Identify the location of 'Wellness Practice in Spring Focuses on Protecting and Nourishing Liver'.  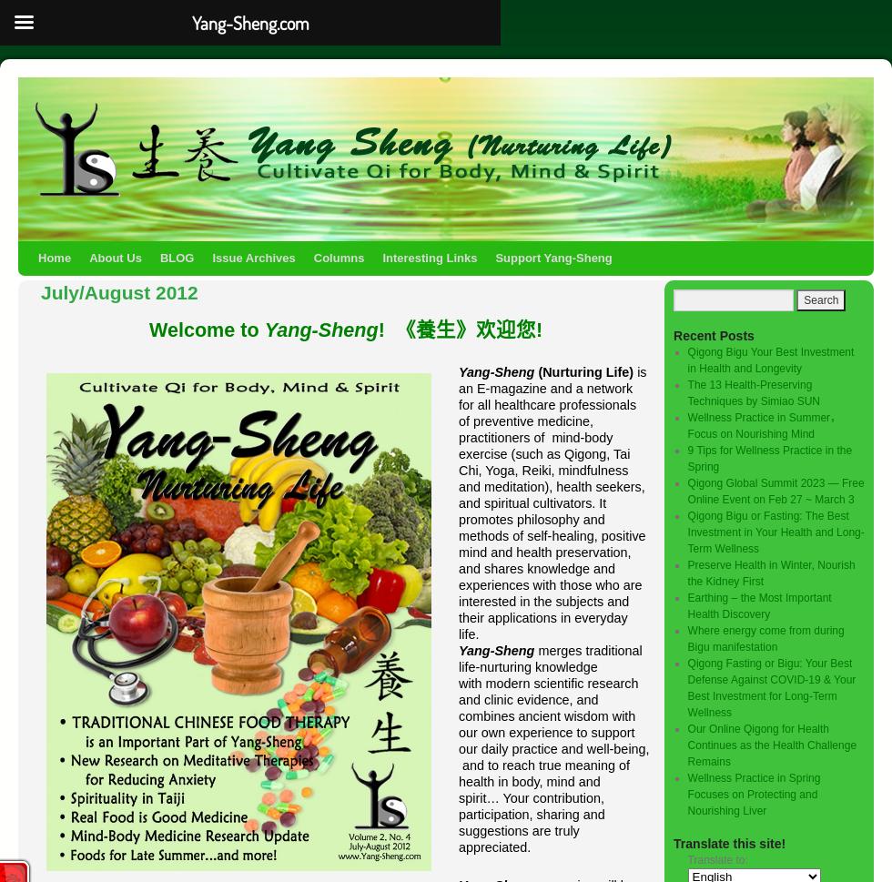
(754, 793).